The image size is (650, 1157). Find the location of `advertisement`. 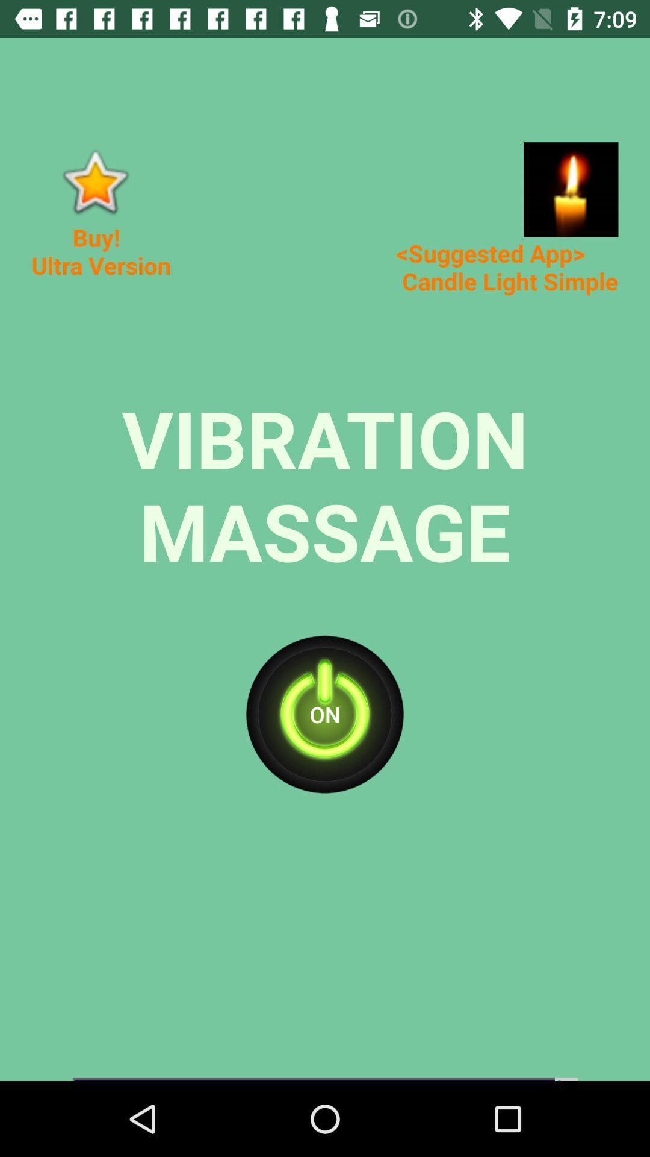

advertisement is located at coordinates (570, 189).